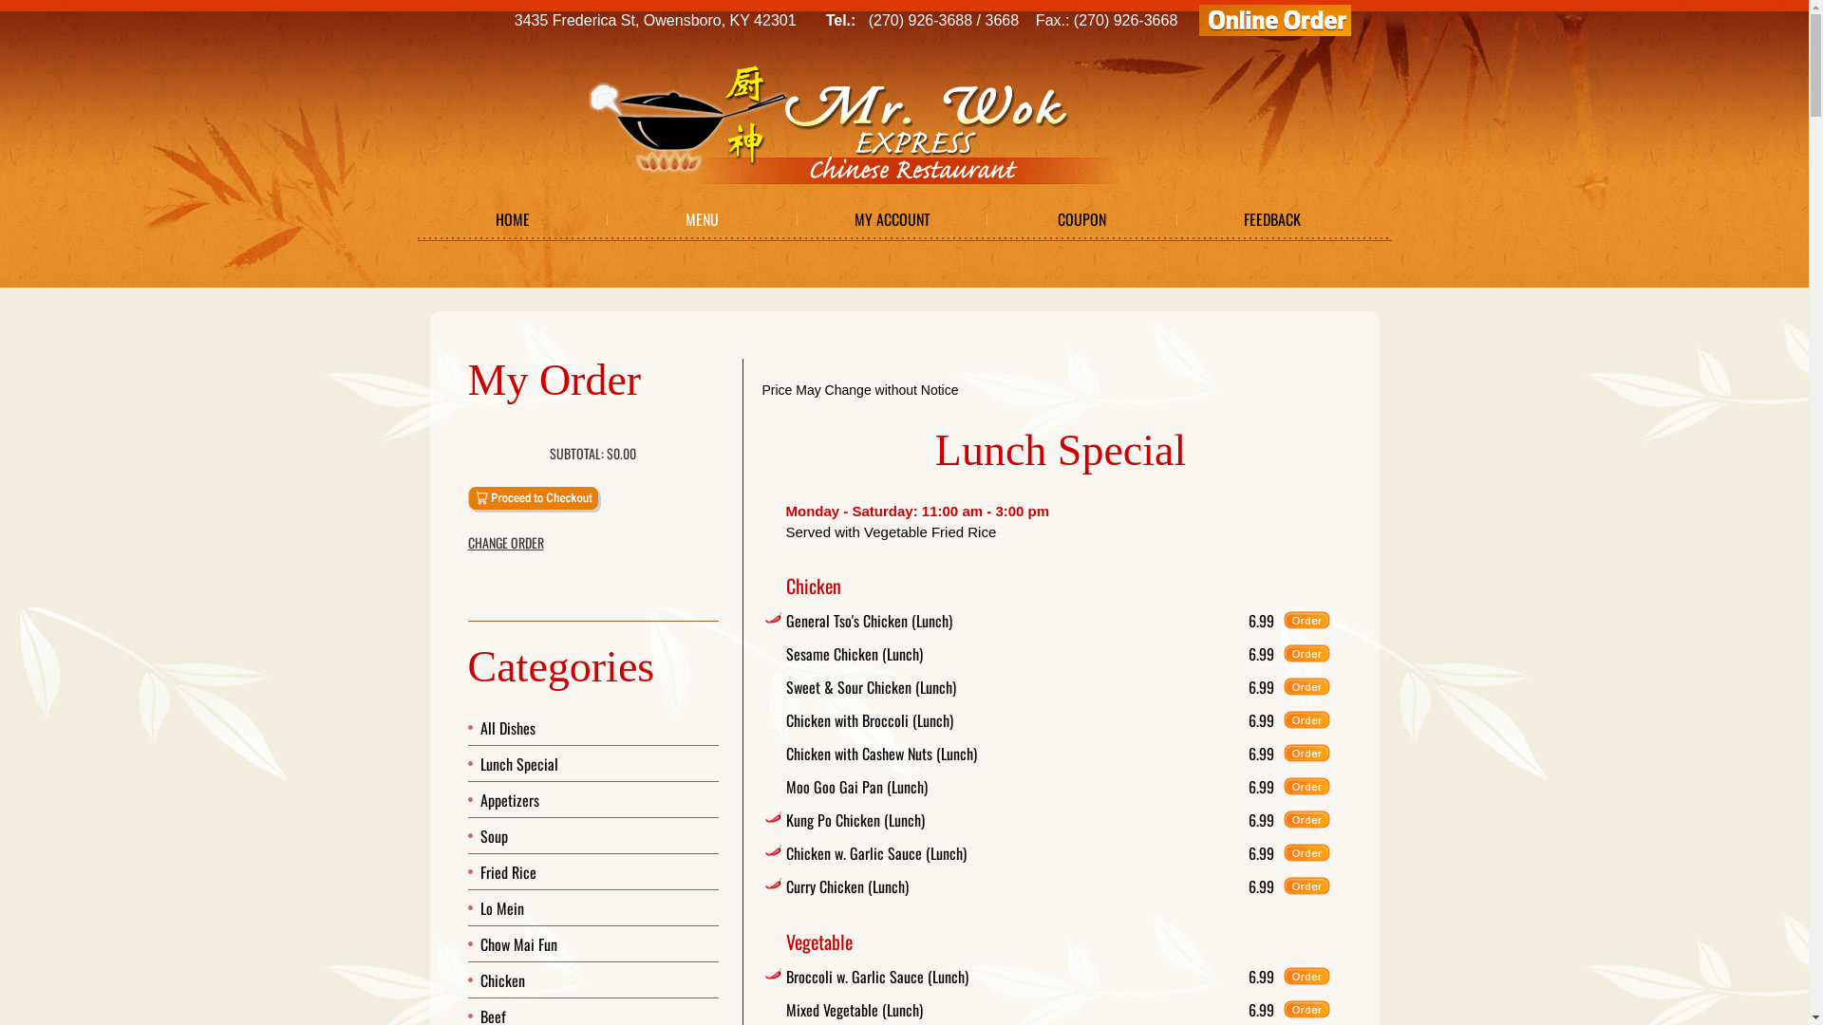 Image resolution: width=1823 pixels, height=1025 pixels. What do you see at coordinates (1082, 218) in the screenshot?
I see `'COUPON'` at bounding box center [1082, 218].